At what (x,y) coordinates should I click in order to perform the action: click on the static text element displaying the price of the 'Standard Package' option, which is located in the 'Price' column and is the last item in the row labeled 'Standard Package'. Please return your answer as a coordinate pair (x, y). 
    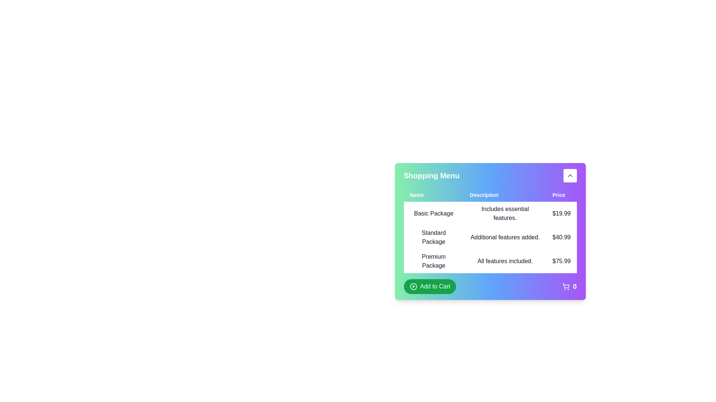
    Looking at the image, I should click on (562, 237).